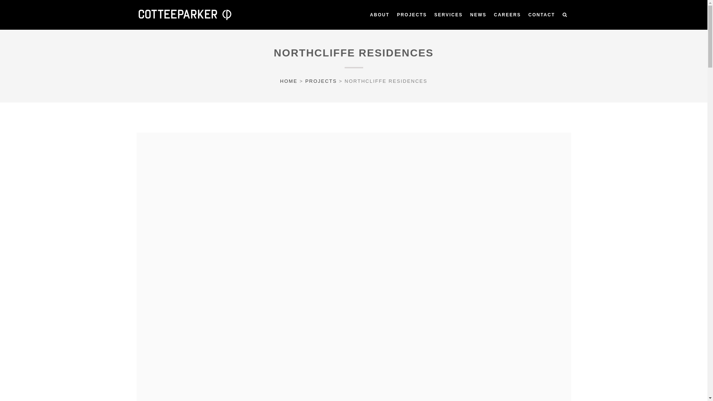  I want to click on 'CAREERS', so click(507, 14).